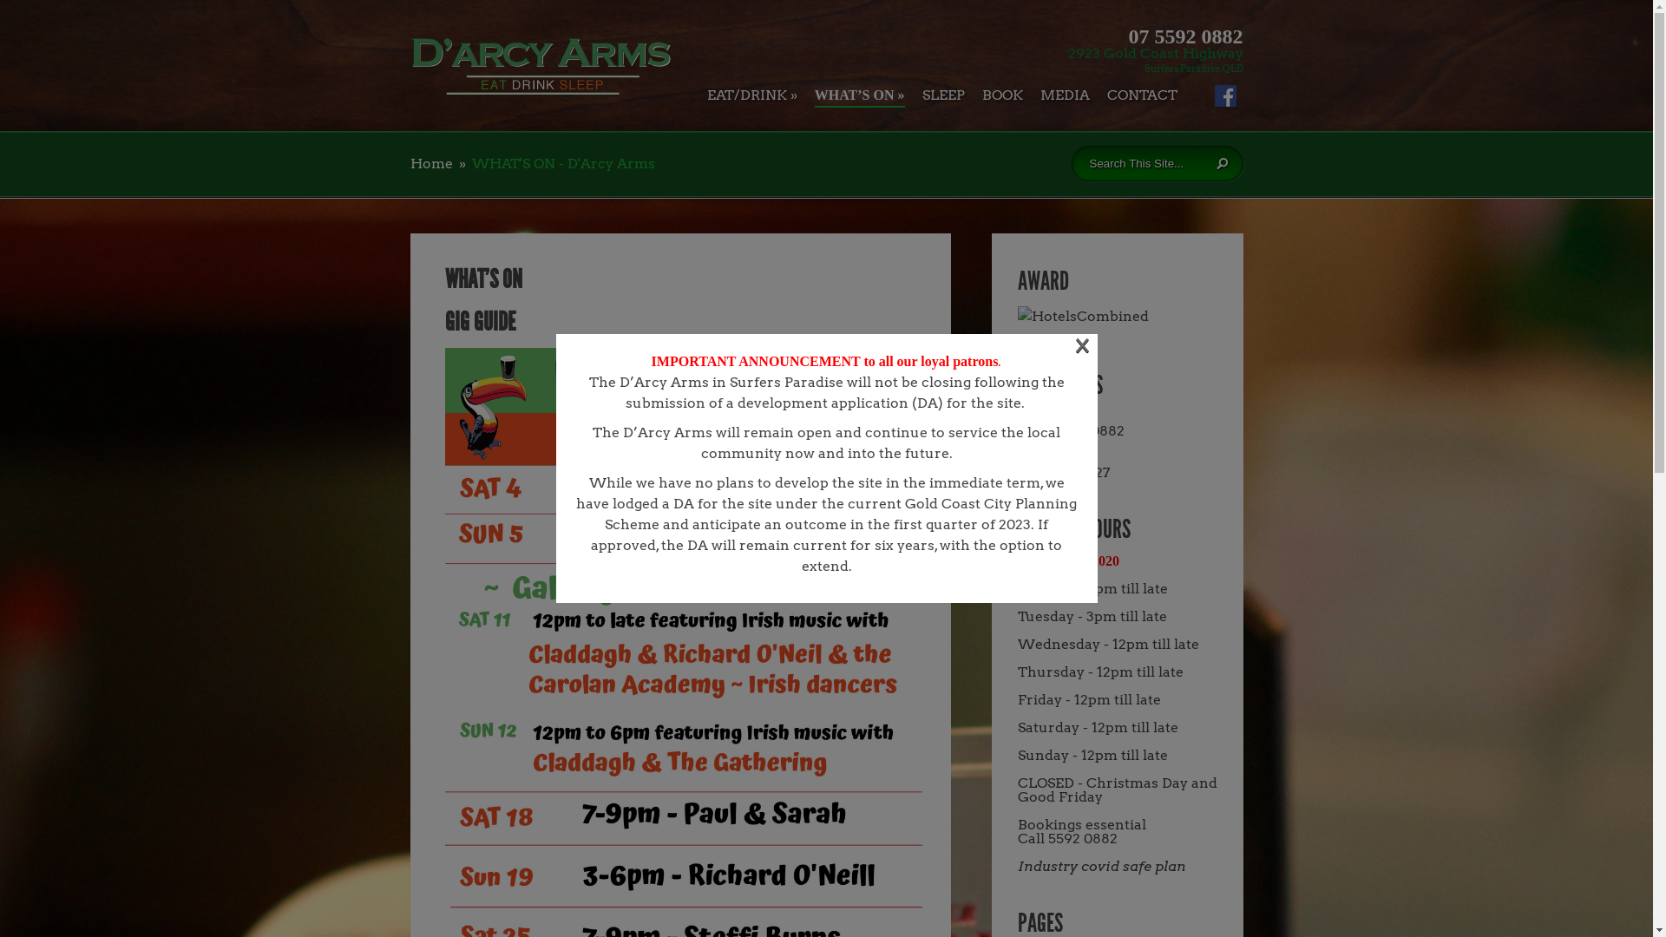 The width and height of the screenshot is (1666, 937). Describe the element at coordinates (1066, 837) in the screenshot. I see `'Call 5592 0882'` at that location.